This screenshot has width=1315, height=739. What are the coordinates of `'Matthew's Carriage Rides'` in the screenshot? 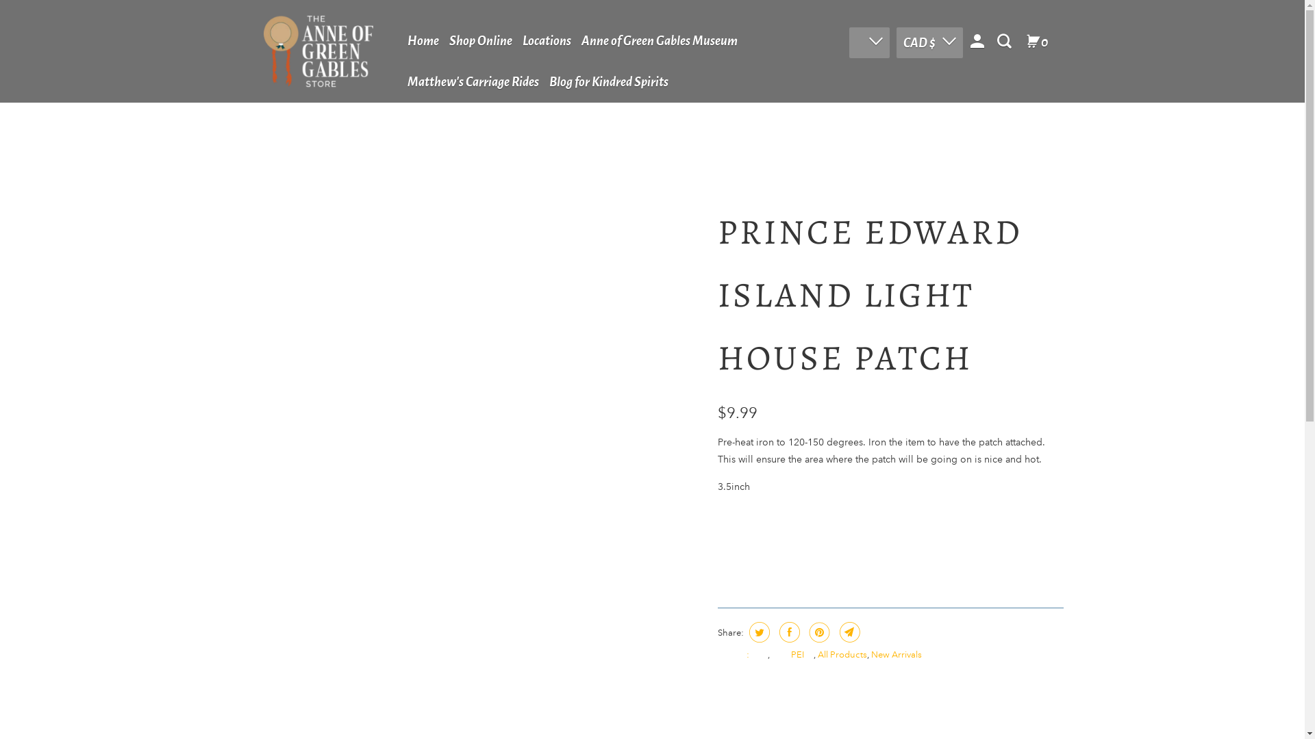 It's located at (403, 81).